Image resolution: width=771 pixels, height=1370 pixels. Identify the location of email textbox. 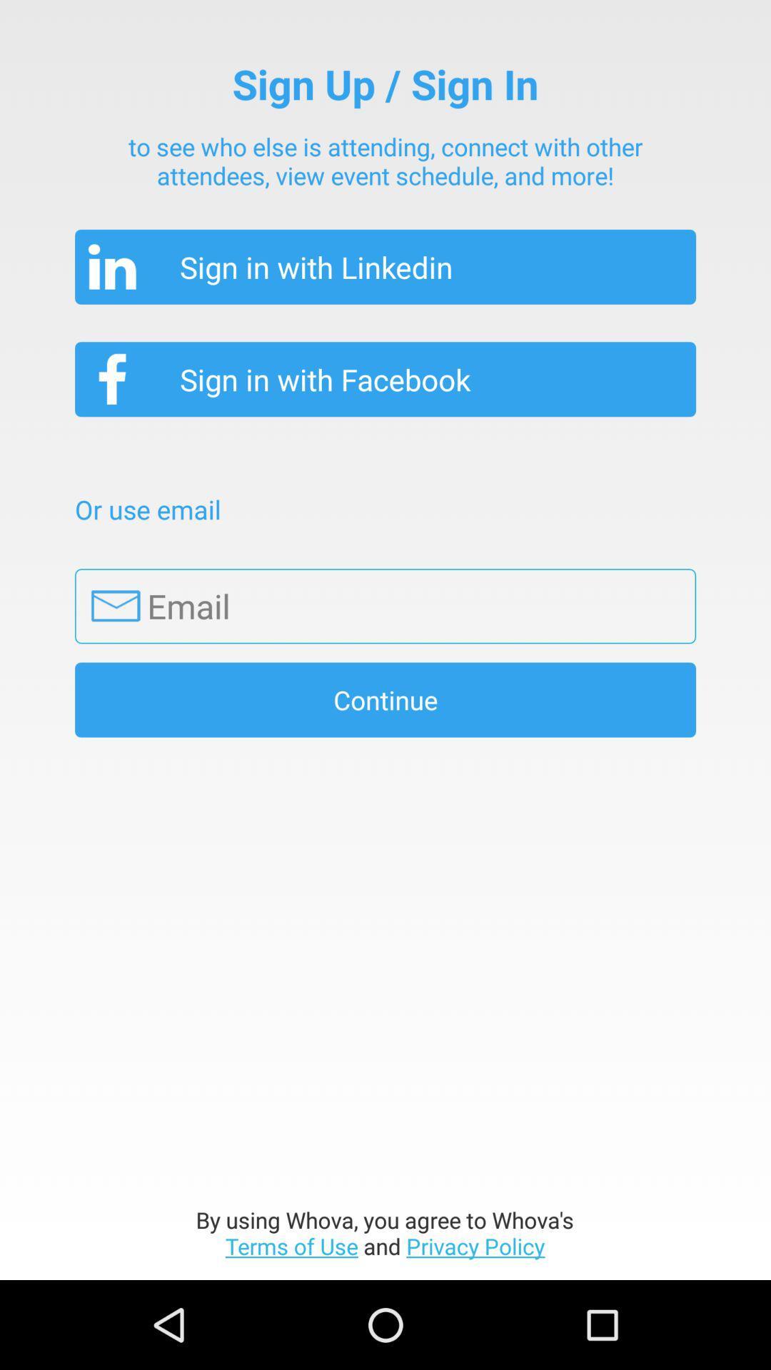
(385, 606).